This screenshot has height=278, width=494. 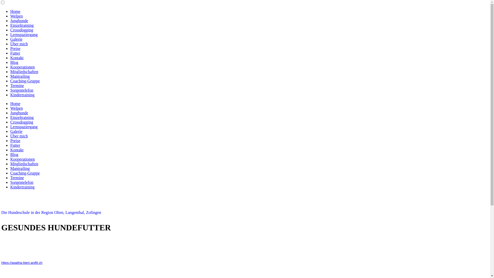 I want to click on 'Welpen', so click(x=16, y=108).